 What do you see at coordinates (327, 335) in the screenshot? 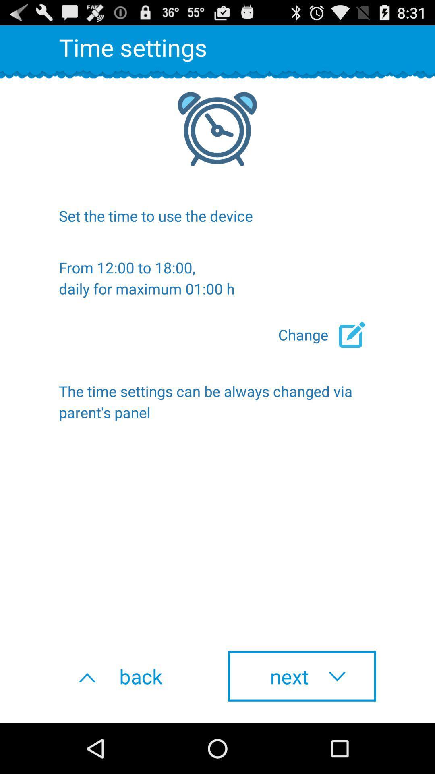
I see `the change` at bounding box center [327, 335].